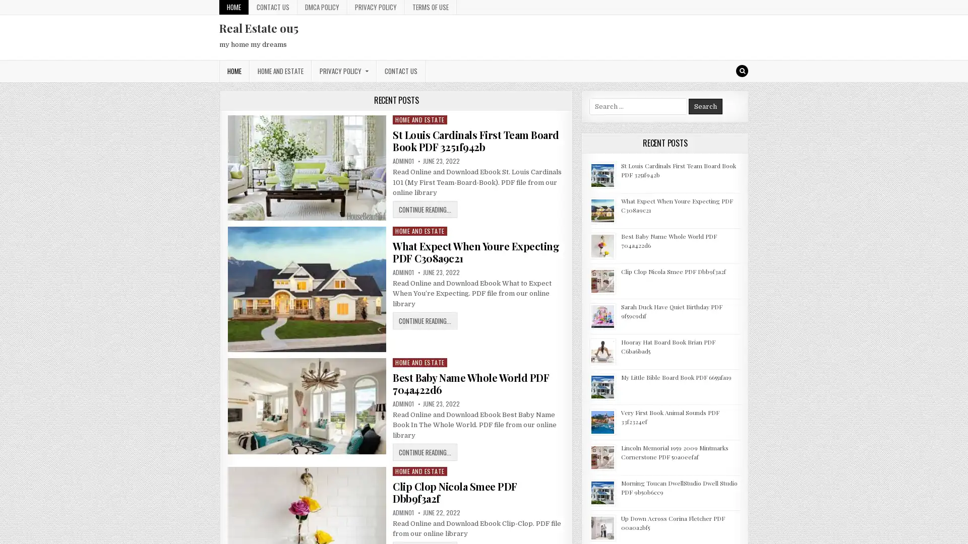  What do you see at coordinates (705, 106) in the screenshot?
I see `Search` at bounding box center [705, 106].